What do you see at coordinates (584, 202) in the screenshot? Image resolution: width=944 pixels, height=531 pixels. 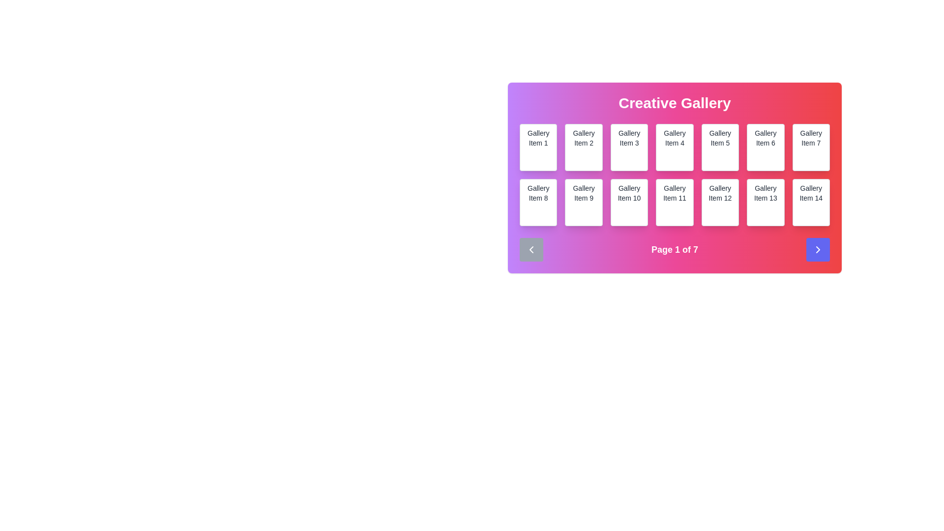 I see `to select or highlight the card labeled 'Gallery Item 9', which is a rectangular card with a white background and gray text located in the second row and second column of a 7-column grid` at bounding box center [584, 202].